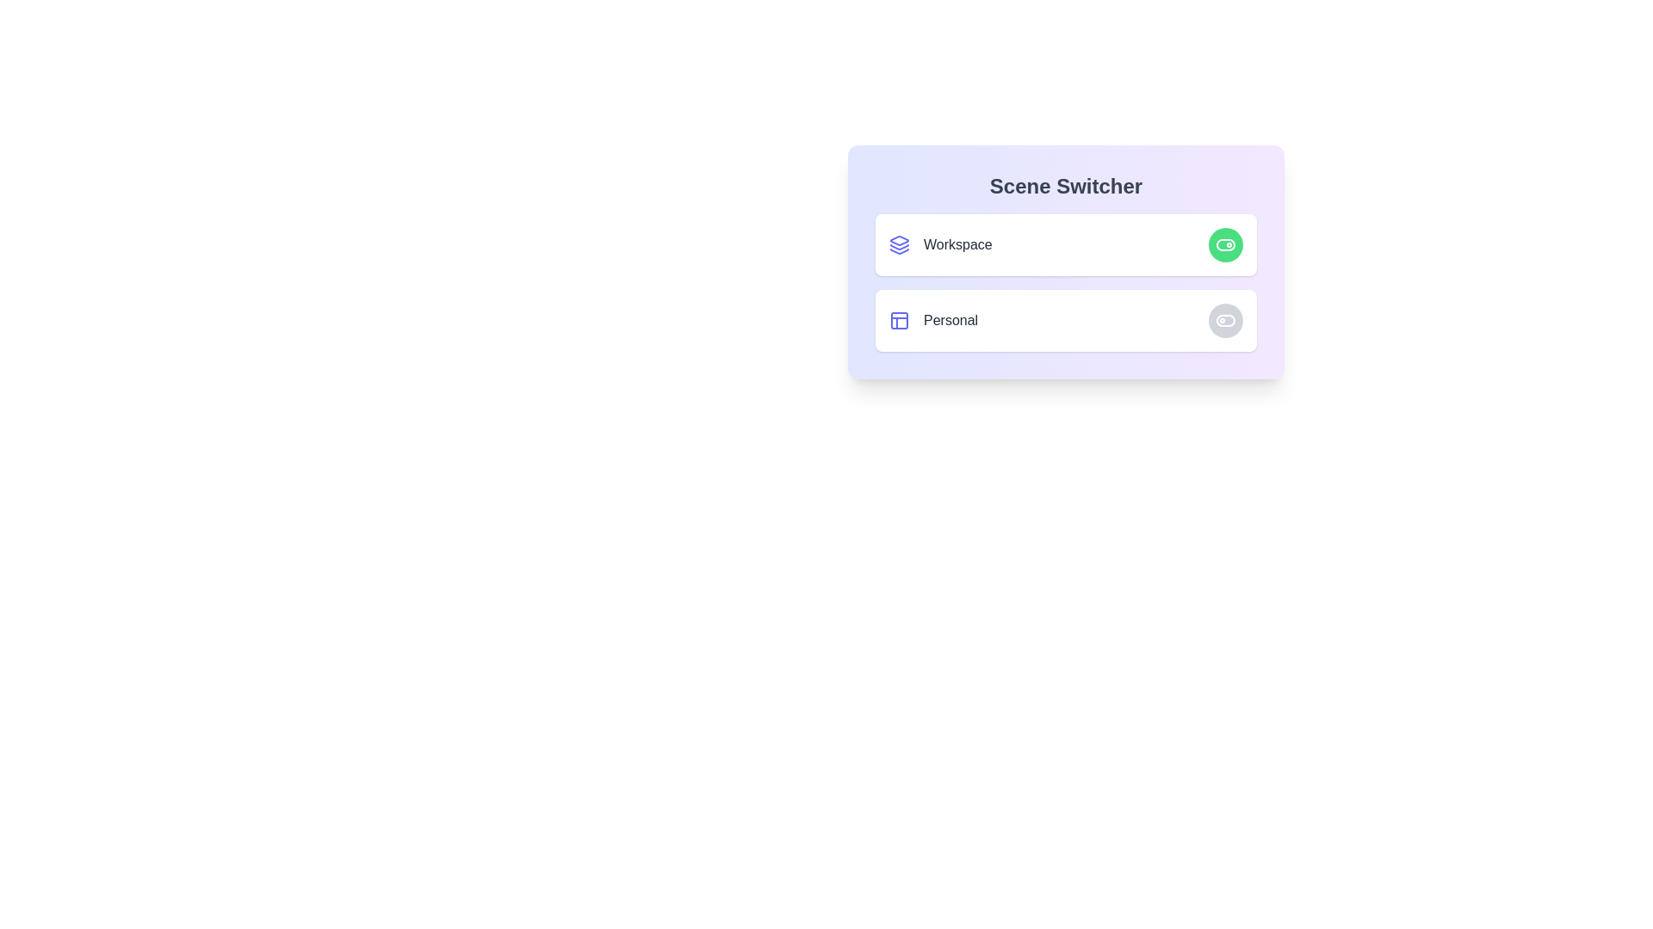 The image size is (1653, 929). What do you see at coordinates (1225, 245) in the screenshot?
I see `the state of the toggle switch base located on the top-right side of the 'Workspace' row, which is a green rectangular shape with rounded corners` at bounding box center [1225, 245].